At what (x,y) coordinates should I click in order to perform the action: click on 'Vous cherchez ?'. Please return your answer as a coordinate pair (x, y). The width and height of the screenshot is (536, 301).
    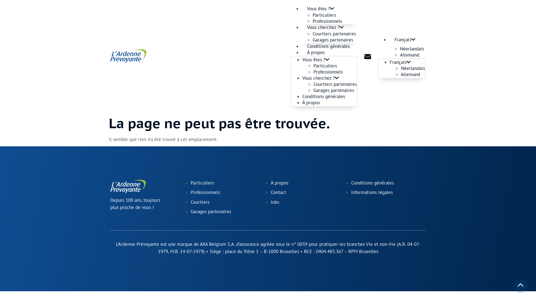
    Looking at the image, I should click on (325, 27).